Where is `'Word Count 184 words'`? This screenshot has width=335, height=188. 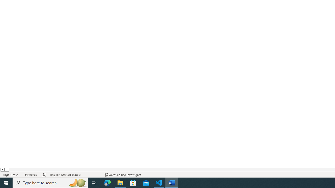
'Word Count 184 words' is located at coordinates (29, 175).